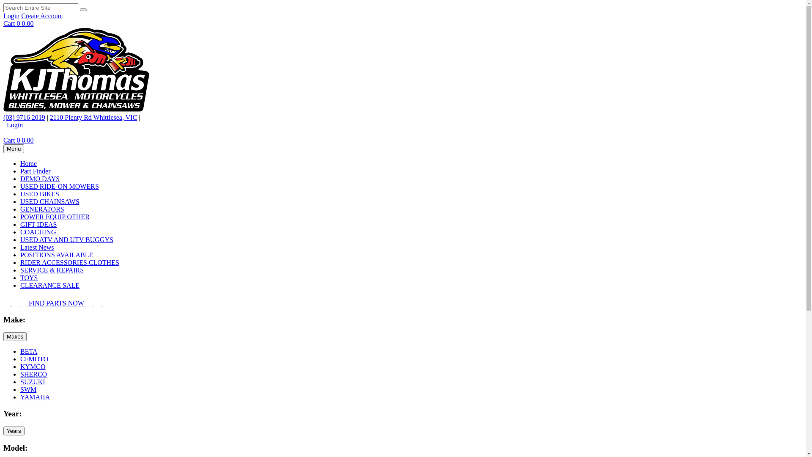 This screenshot has width=812, height=457. I want to click on 'GENERATORS', so click(20, 209).